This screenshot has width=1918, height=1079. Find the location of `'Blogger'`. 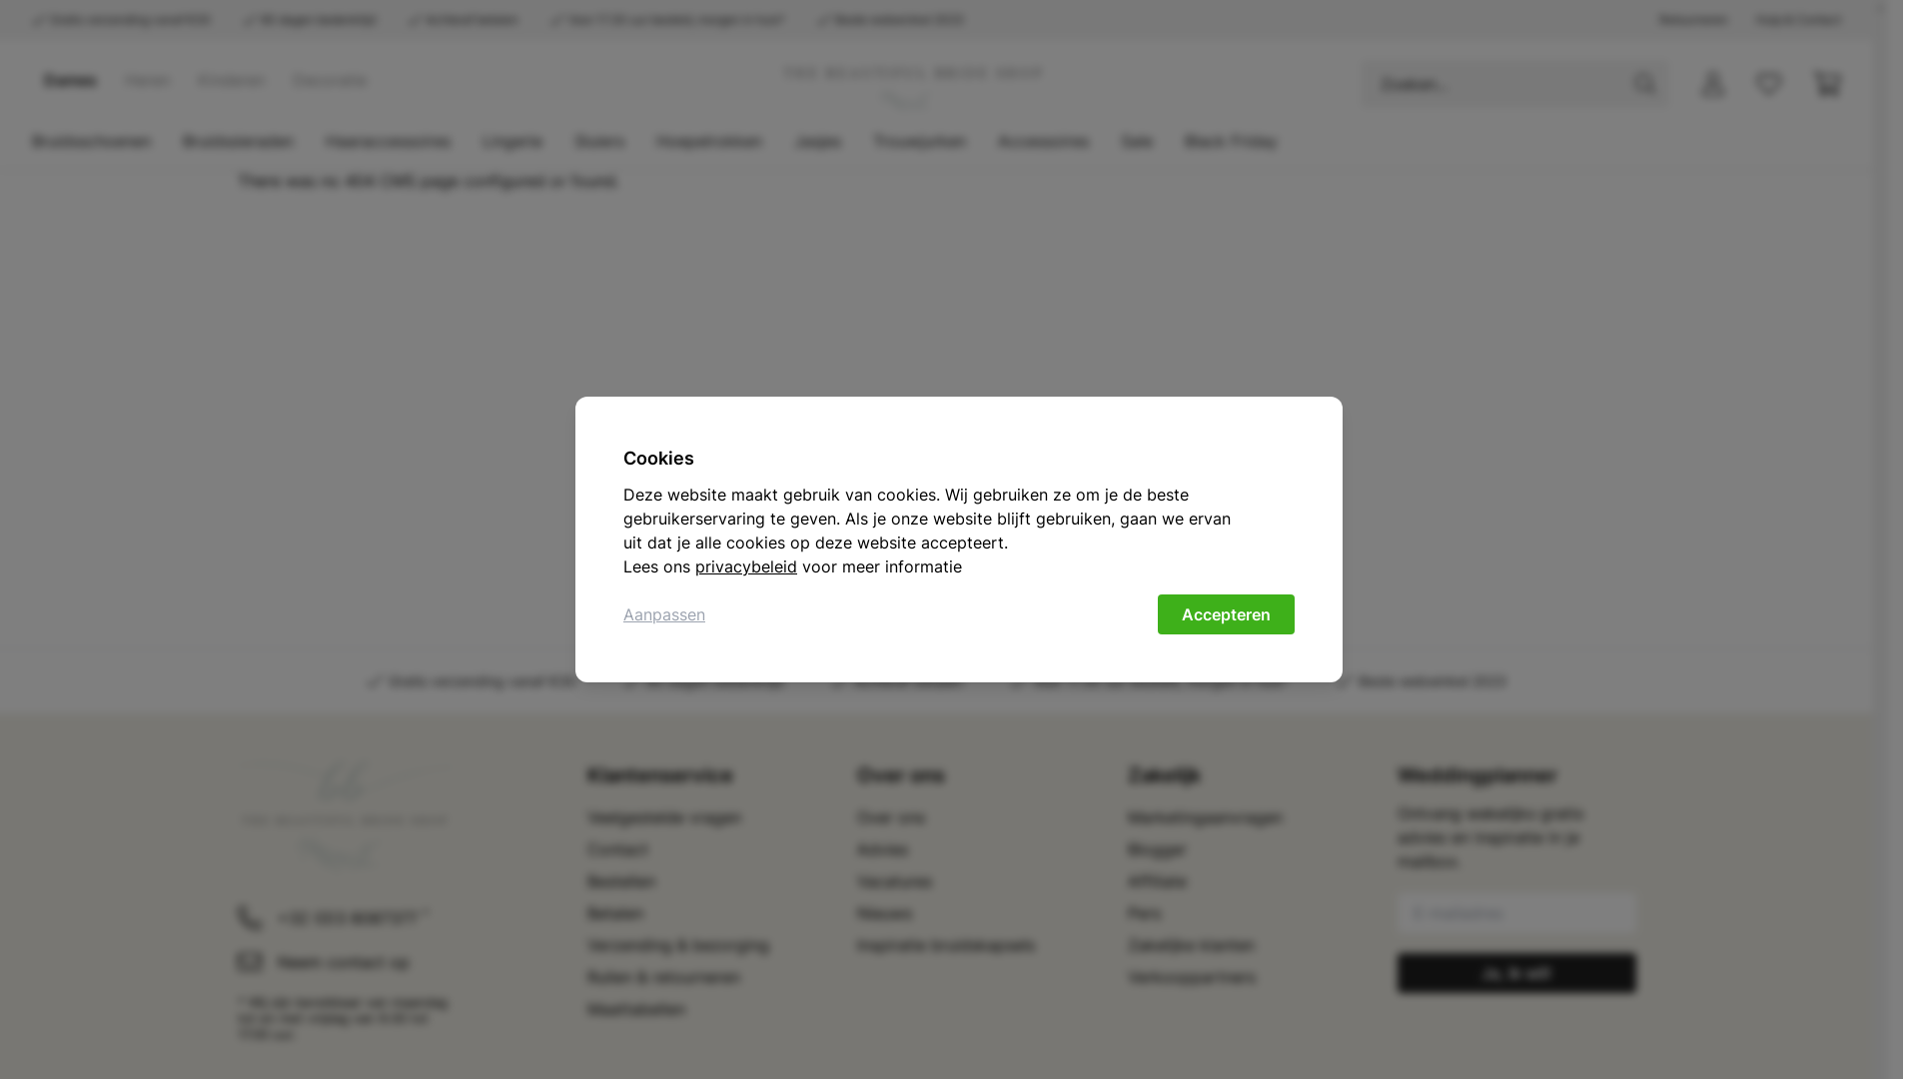

'Blogger' is located at coordinates (1156, 848).